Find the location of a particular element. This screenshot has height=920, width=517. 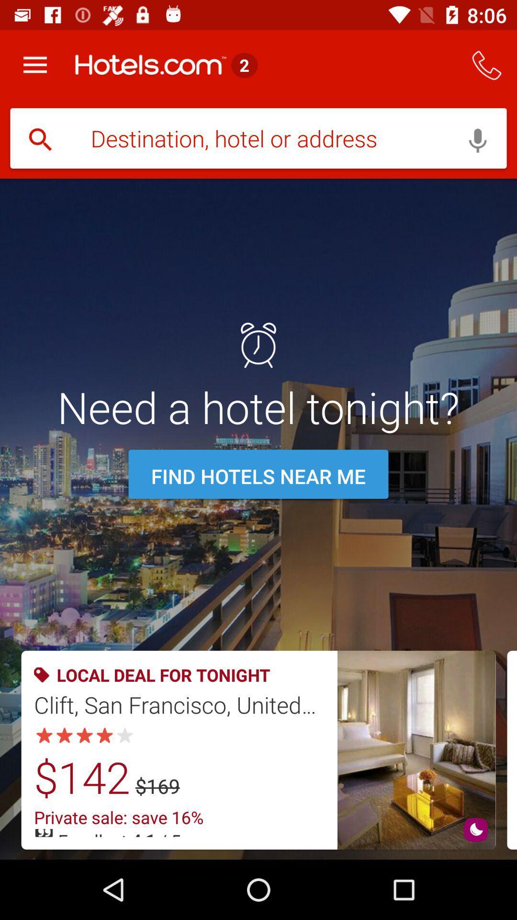

icon to the right of the 2 is located at coordinates (487, 65).